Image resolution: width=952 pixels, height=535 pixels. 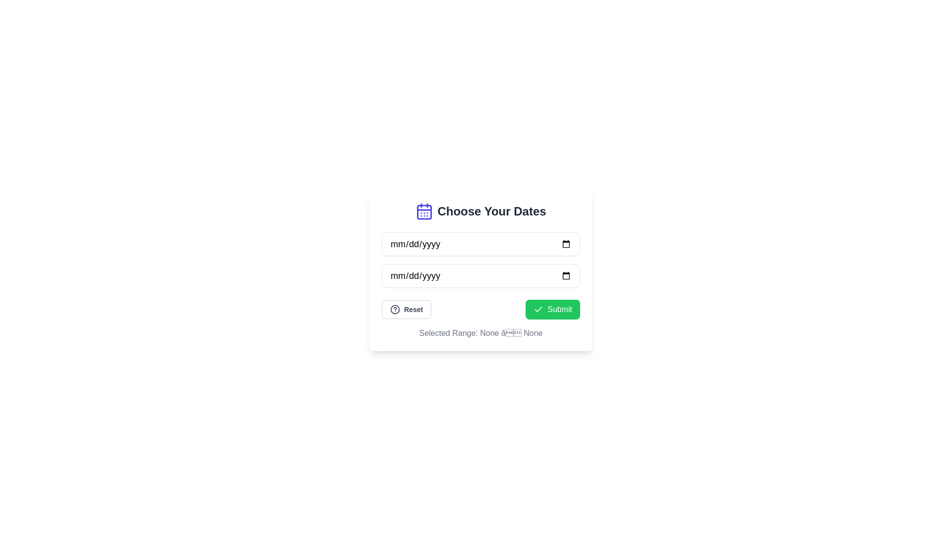 I want to click on the circular outline element within the SVG graphic that serves as part of the help indicator, located to the left of the 'Reset' button, so click(x=394, y=309).